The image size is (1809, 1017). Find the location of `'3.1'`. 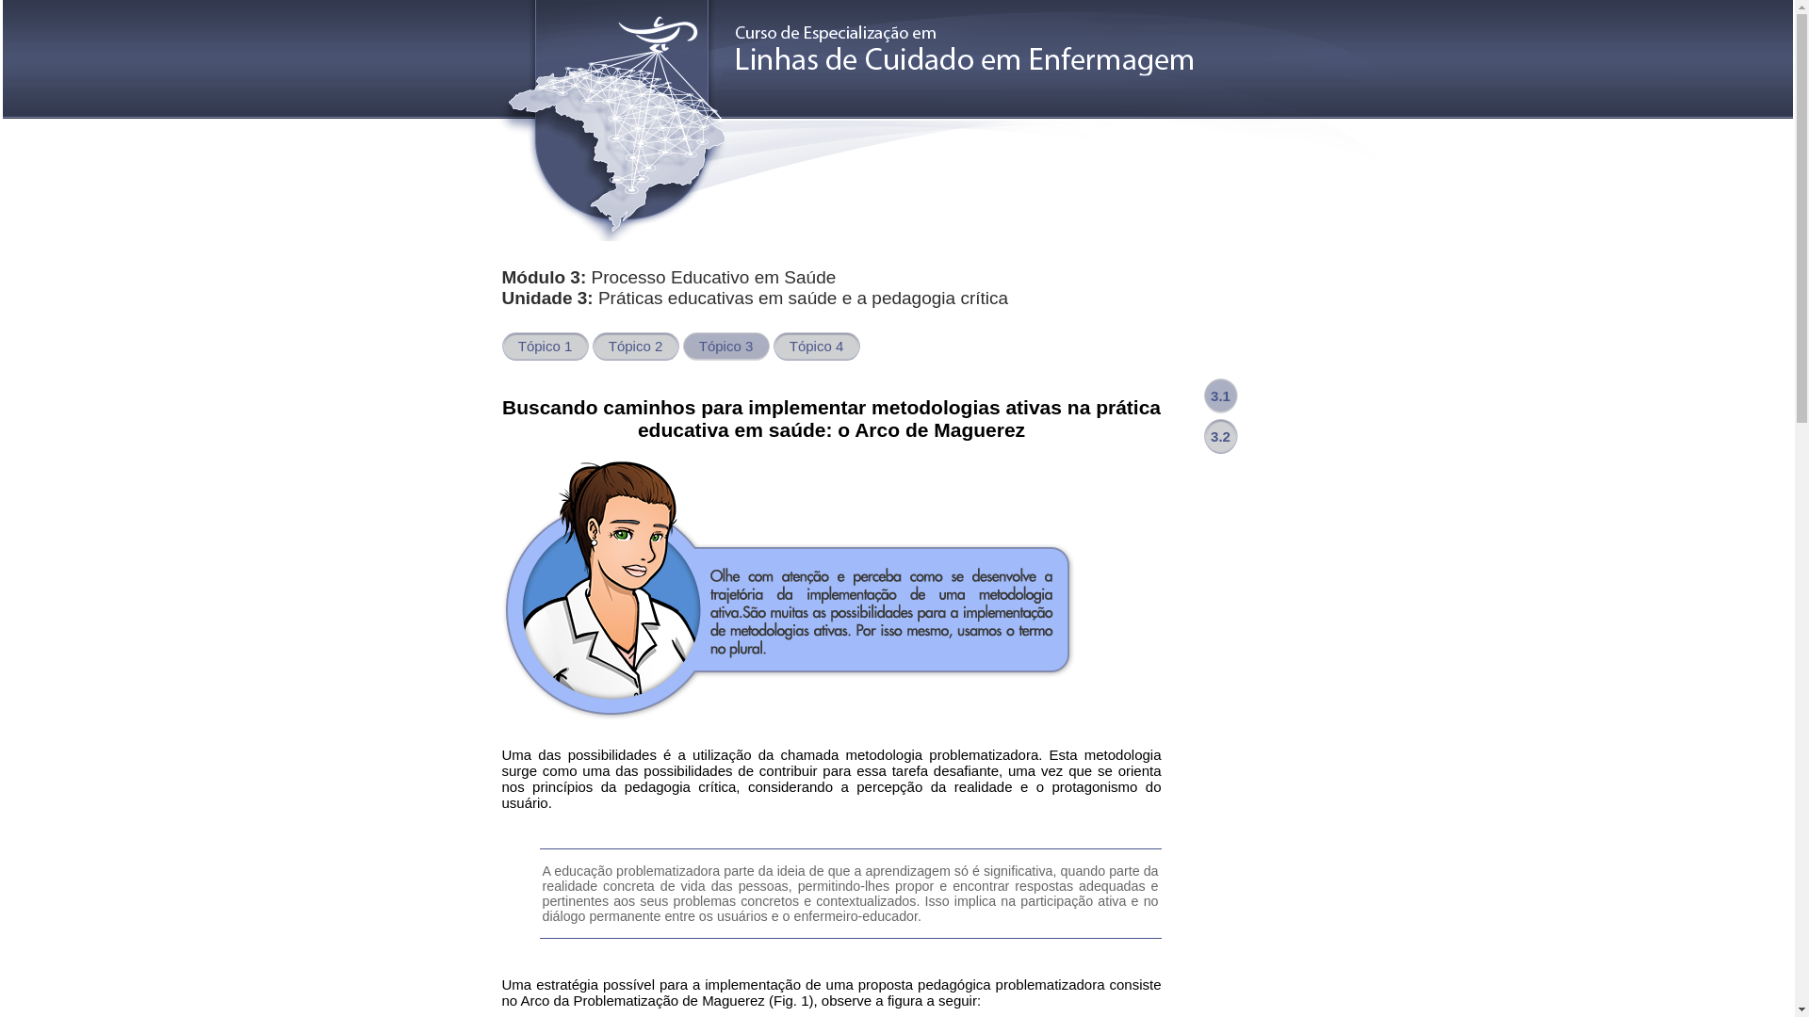

'3.1' is located at coordinates (1221, 395).